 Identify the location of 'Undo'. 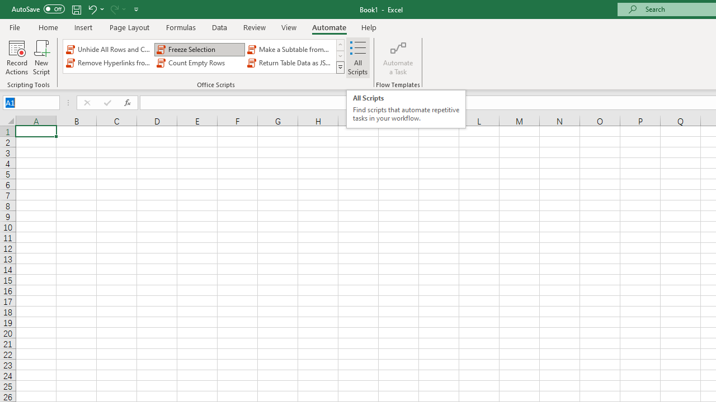
(92, 9).